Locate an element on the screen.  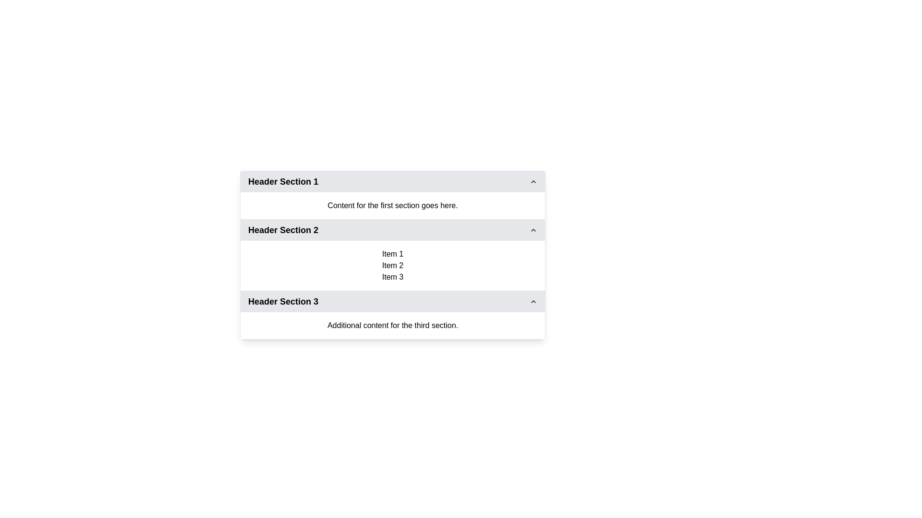
the static text display that shows 'Content for the first section goes here.' located below 'Header Section 1' is located at coordinates (392, 205).